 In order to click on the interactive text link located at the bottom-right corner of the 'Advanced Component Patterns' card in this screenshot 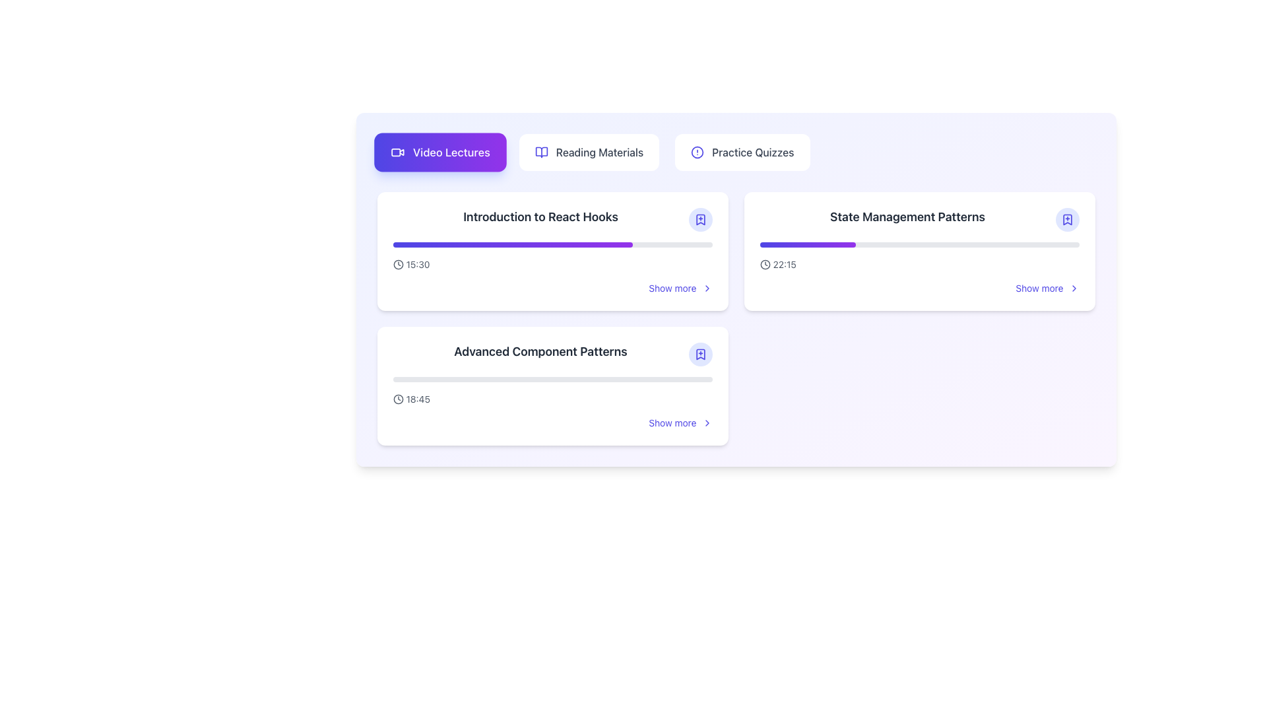, I will do `click(672, 423)`.